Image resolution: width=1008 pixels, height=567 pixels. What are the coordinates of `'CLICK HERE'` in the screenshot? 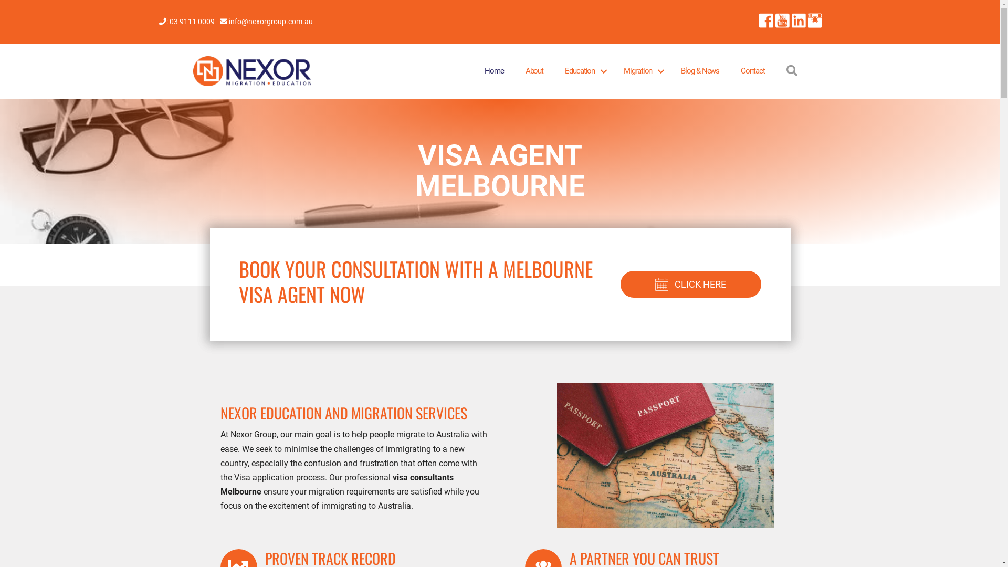 It's located at (691, 284).